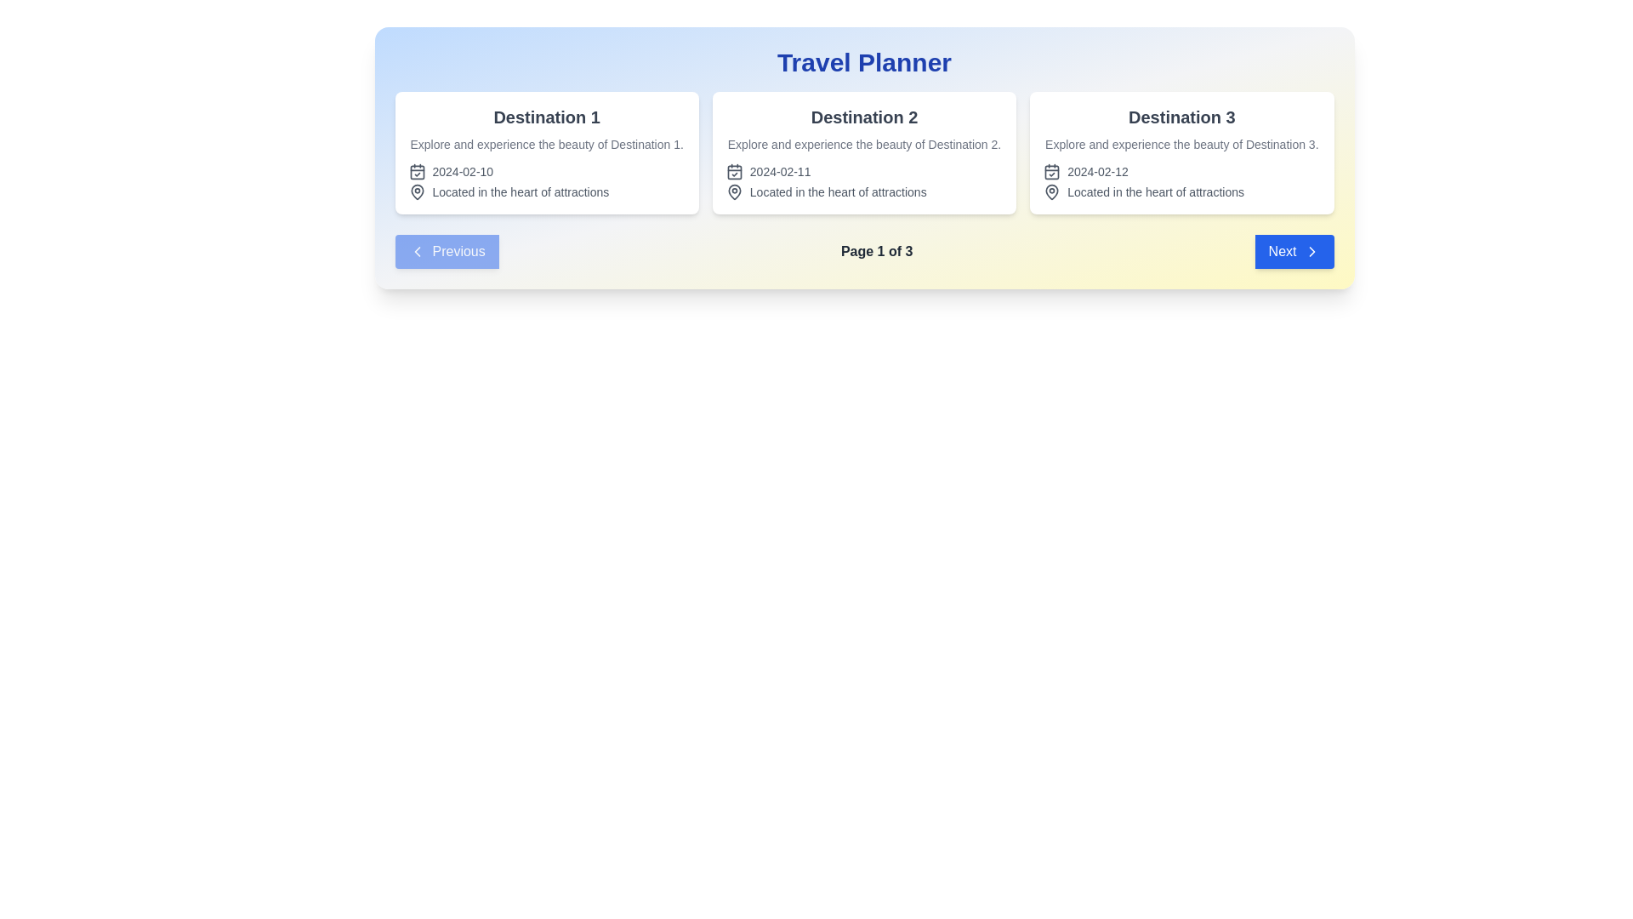 This screenshot has width=1633, height=919. What do you see at coordinates (734, 171) in the screenshot?
I see `the compact calendar icon with a check mark located at the top-left corner of the 'Destination 2' card` at bounding box center [734, 171].